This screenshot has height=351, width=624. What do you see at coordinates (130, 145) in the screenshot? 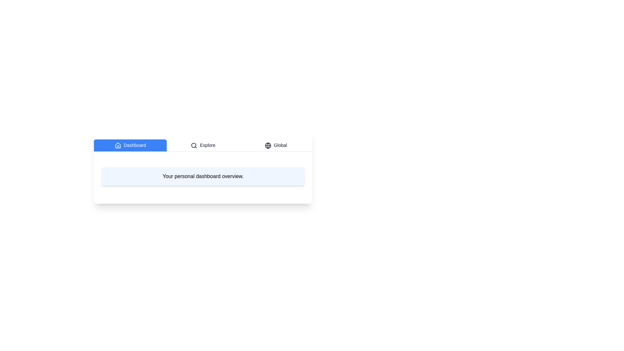
I see `the Dashboard tab to read its content` at bounding box center [130, 145].